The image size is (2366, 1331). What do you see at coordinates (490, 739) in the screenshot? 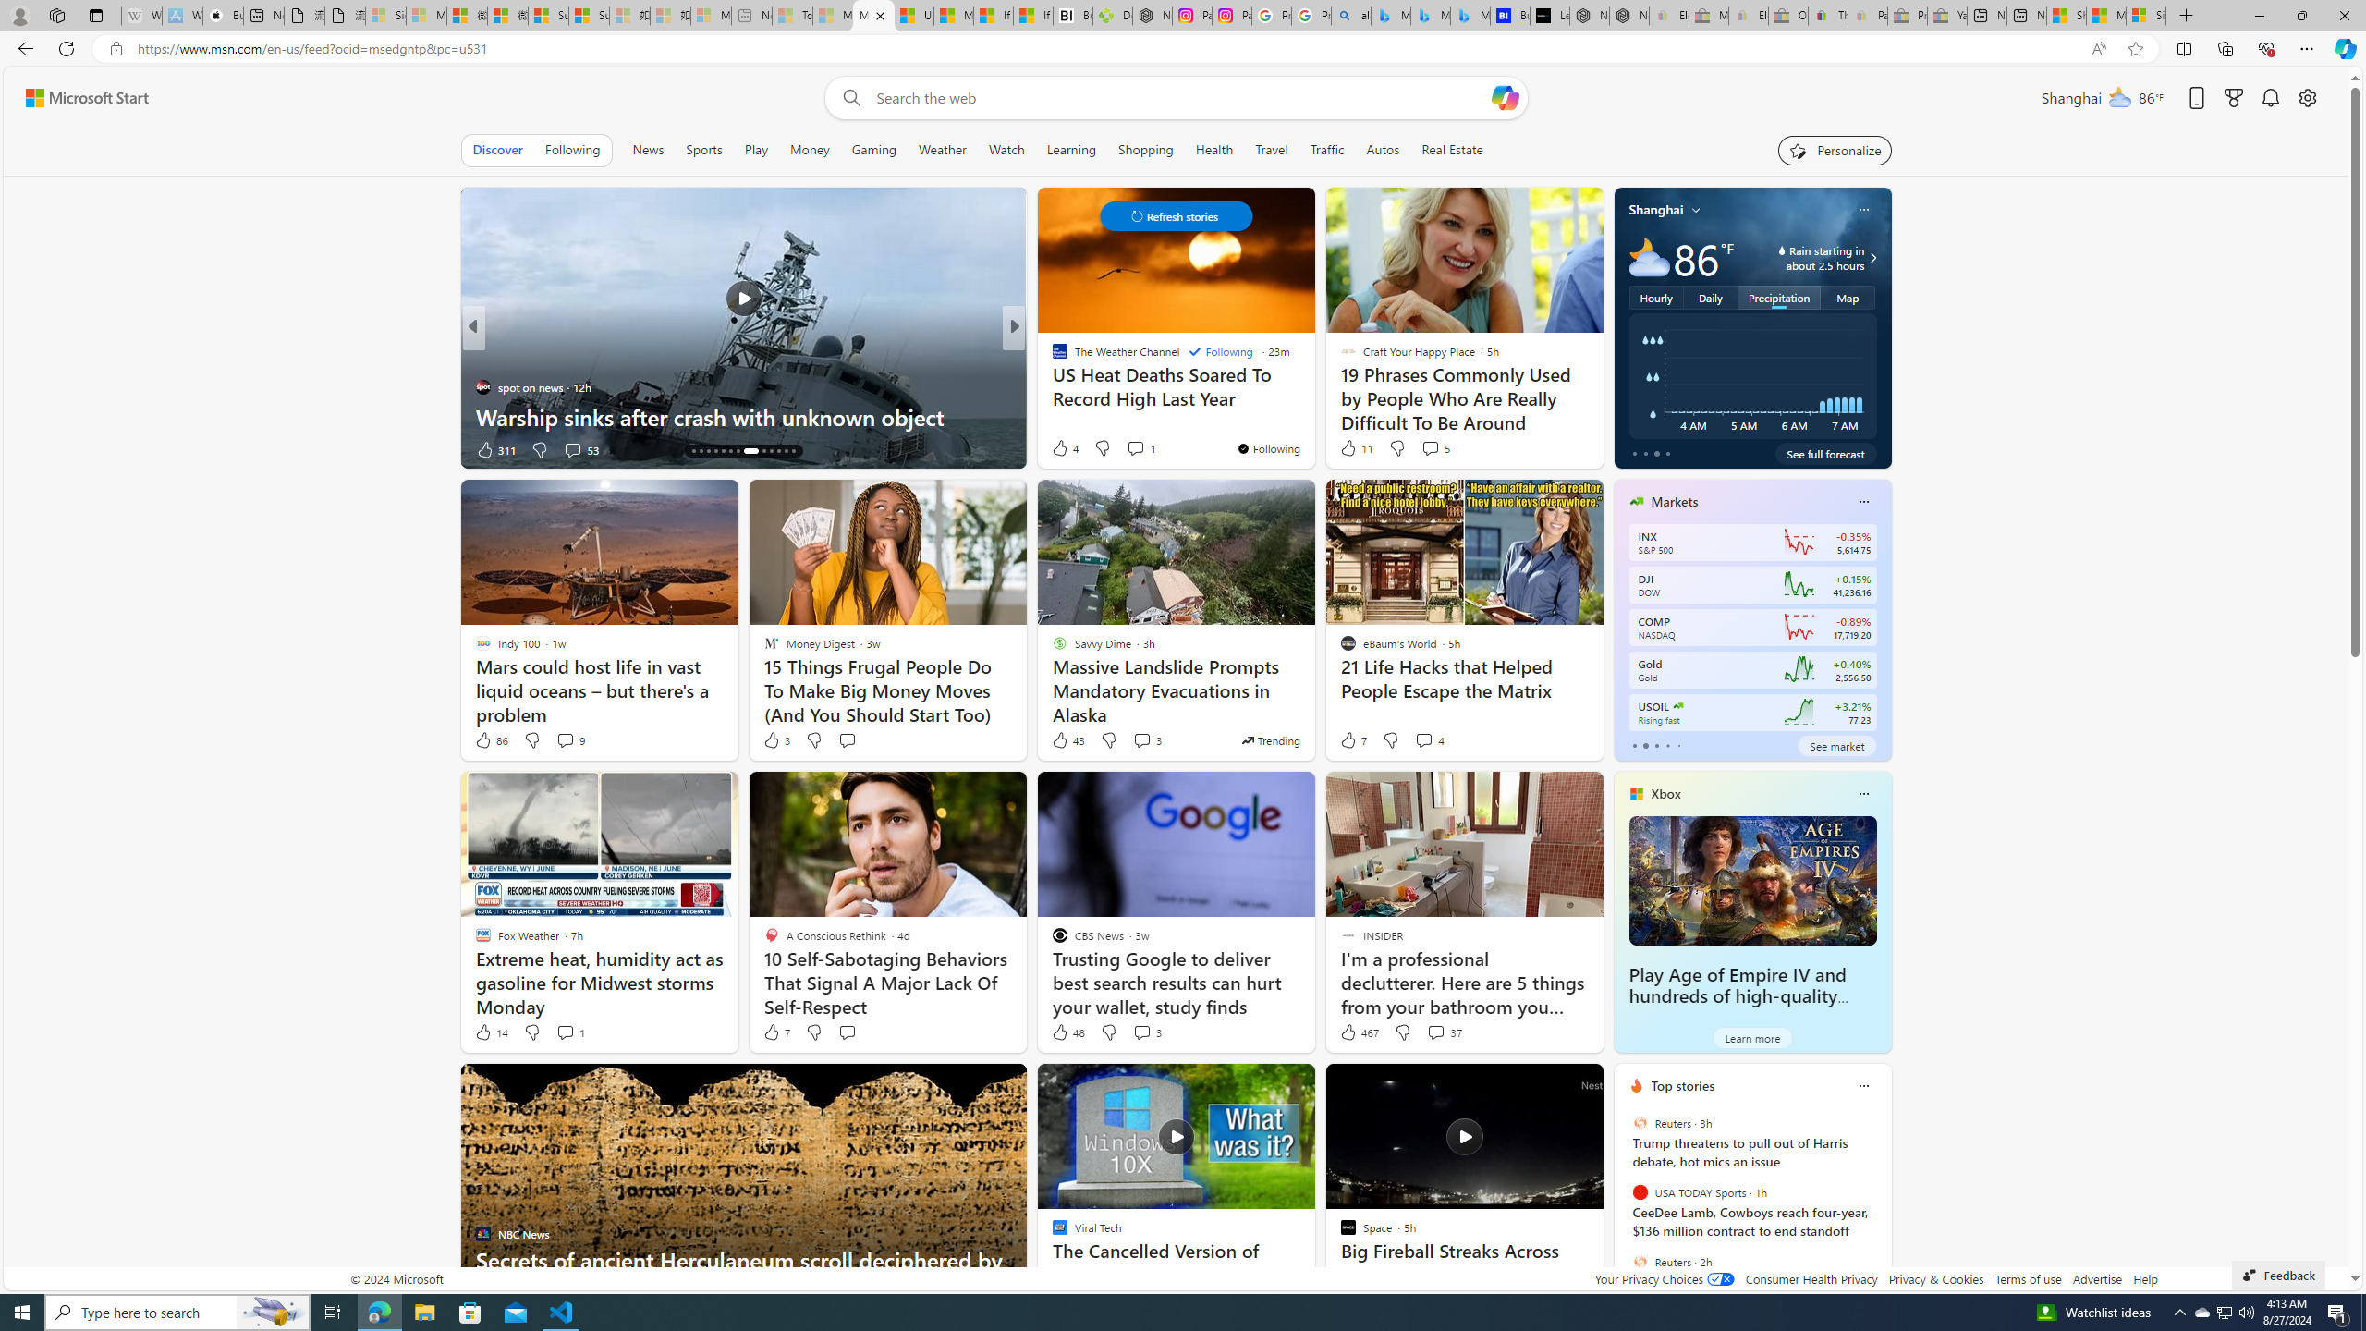
I see `'86 Like'` at bounding box center [490, 739].